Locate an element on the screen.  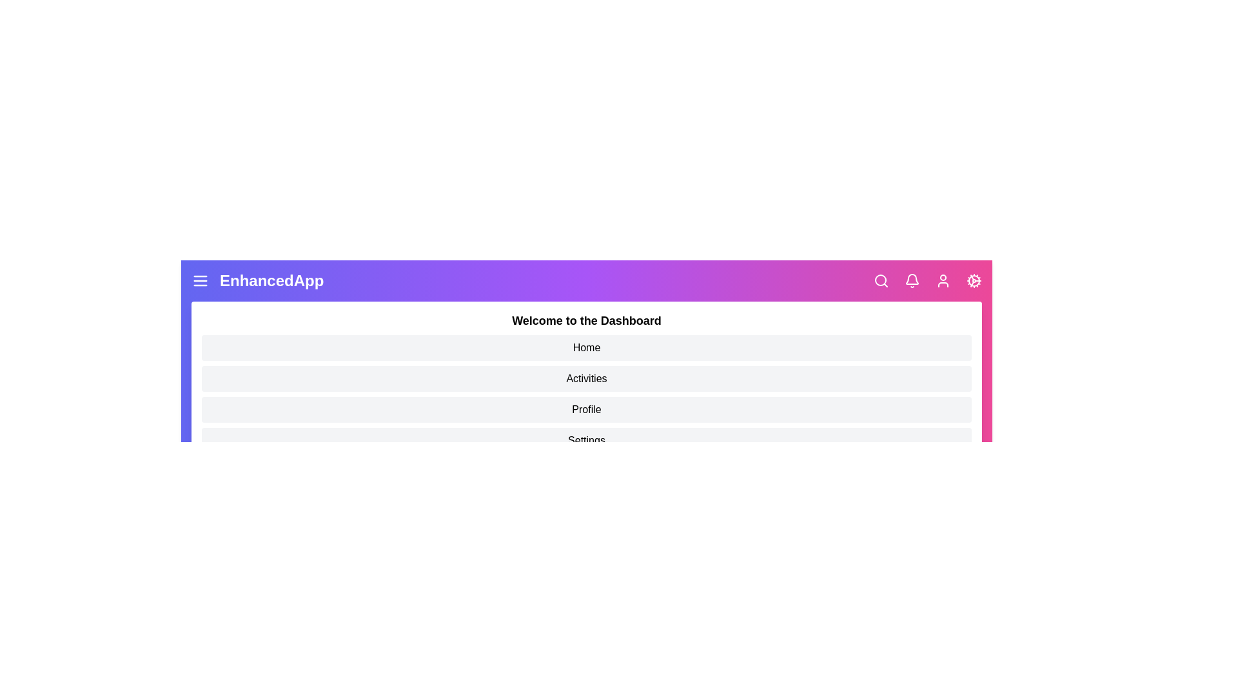
the bell icon to access notifications is located at coordinates (912, 280).